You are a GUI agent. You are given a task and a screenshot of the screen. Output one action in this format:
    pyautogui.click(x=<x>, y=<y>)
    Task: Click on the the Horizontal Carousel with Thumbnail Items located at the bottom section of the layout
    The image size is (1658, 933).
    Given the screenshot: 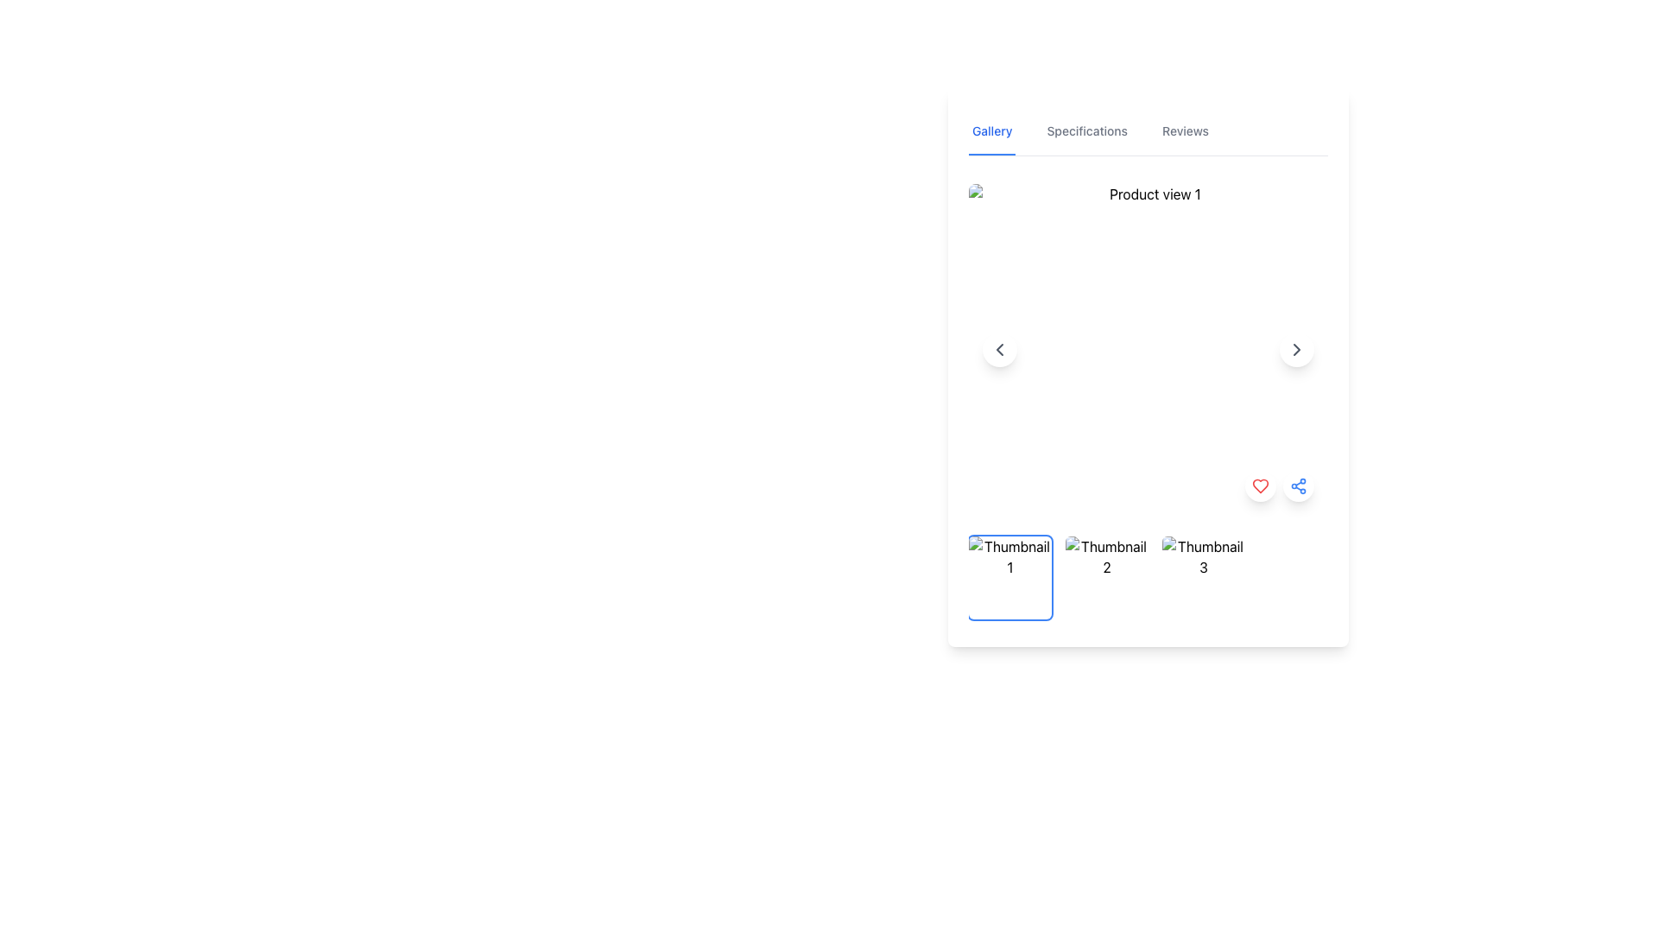 What is the action you would take?
    pyautogui.click(x=1148, y=577)
    